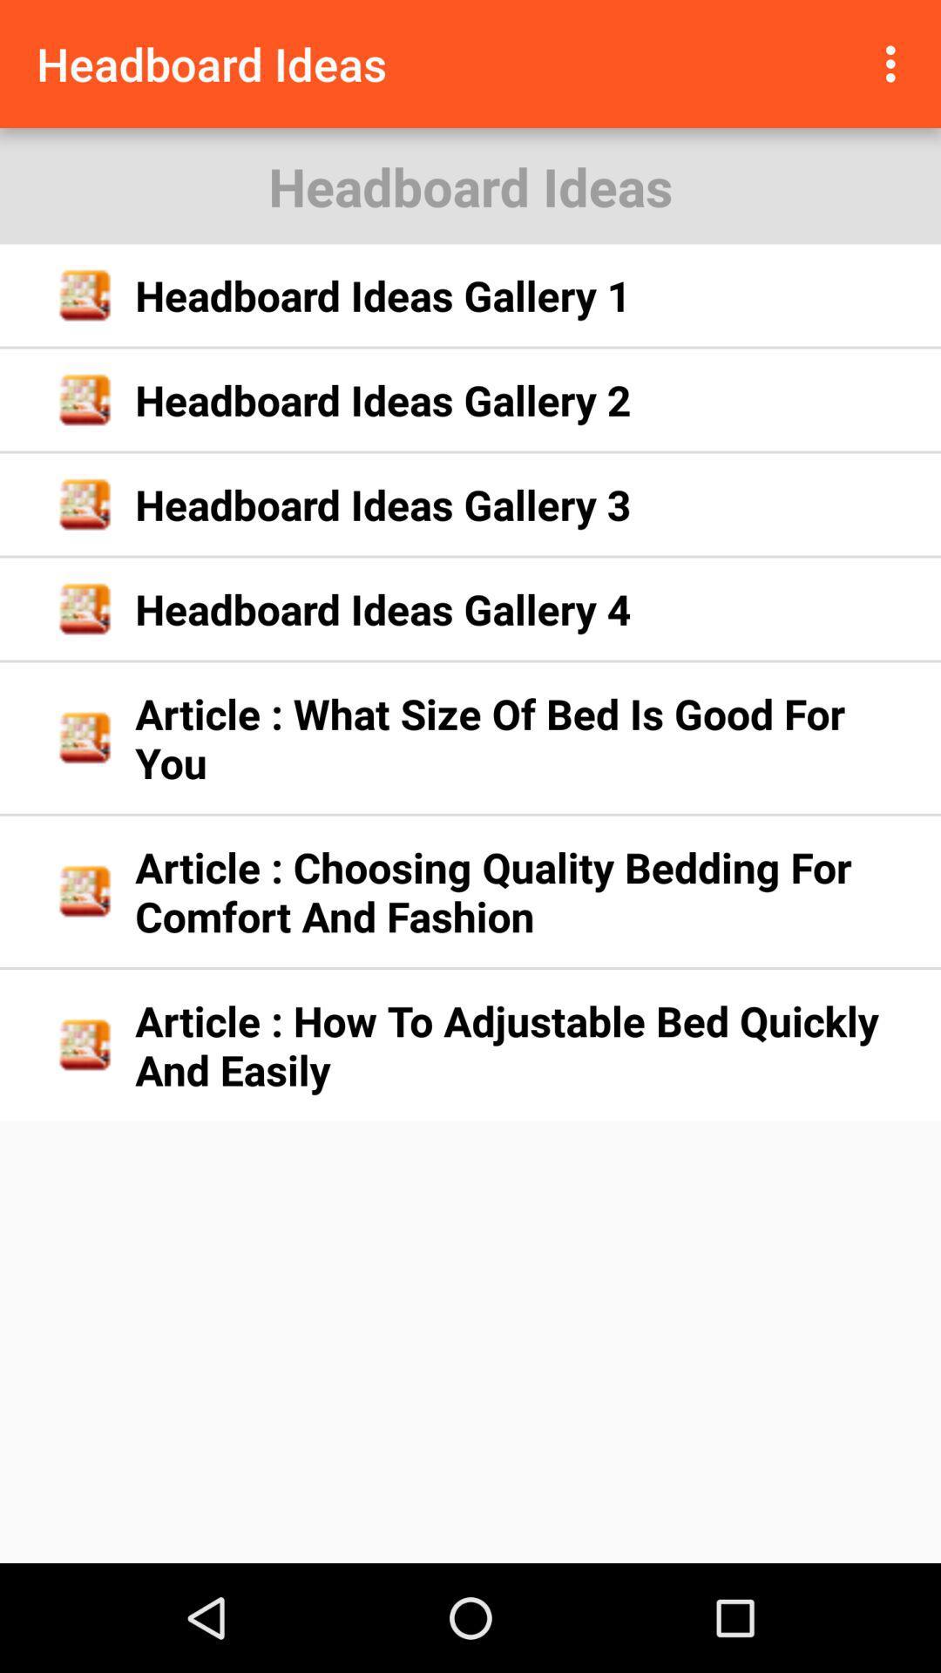 The width and height of the screenshot is (941, 1673). Describe the element at coordinates (895, 64) in the screenshot. I see `the item above headboard ideas icon` at that location.